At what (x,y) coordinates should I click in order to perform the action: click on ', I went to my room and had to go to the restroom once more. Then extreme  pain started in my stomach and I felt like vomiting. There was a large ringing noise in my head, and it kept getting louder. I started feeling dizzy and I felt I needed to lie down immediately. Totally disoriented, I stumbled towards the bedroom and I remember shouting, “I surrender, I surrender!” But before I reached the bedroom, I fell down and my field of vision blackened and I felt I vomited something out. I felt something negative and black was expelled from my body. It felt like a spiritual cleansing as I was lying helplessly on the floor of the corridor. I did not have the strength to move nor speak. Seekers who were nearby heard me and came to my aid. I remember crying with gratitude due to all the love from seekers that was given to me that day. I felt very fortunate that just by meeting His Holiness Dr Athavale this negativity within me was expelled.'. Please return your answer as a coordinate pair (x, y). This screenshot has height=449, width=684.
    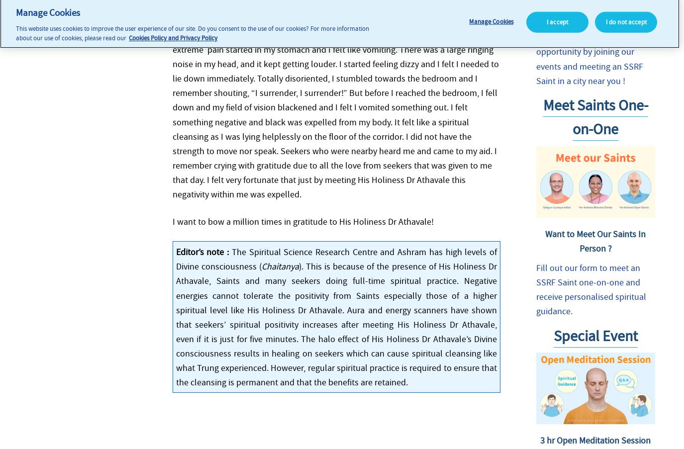
    Looking at the image, I should click on (335, 114).